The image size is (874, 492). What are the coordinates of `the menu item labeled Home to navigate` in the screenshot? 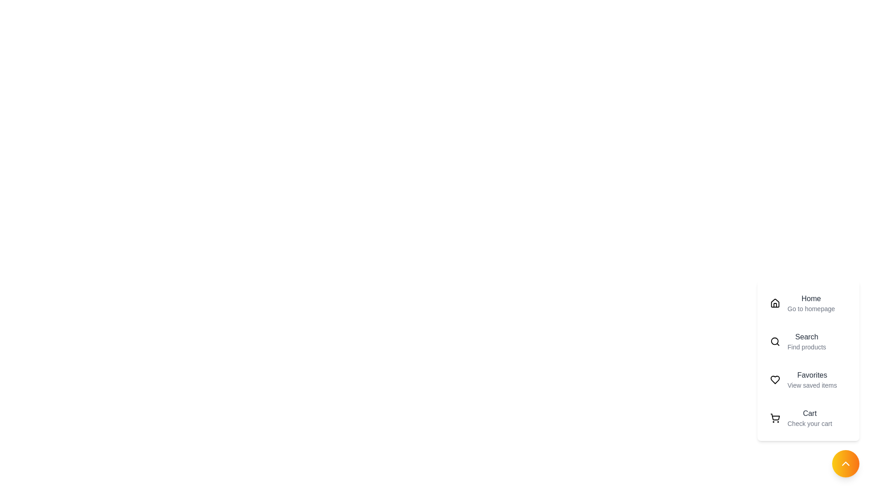 It's located at (808, 303).